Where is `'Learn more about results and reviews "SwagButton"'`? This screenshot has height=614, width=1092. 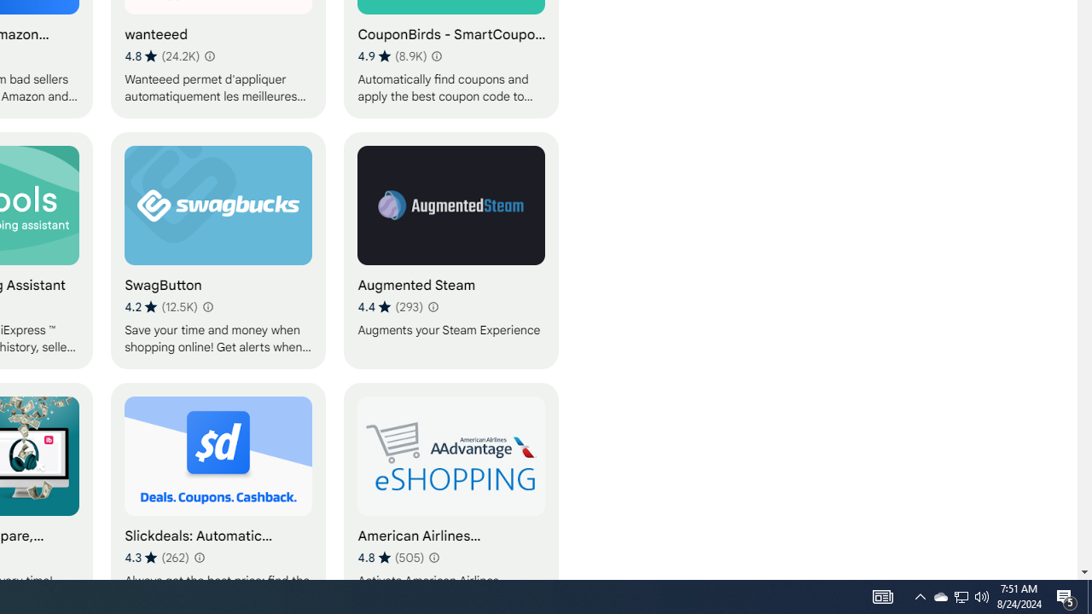
'Learn more about results and reviews "SwagButton"' is located at coordinates (206, 307).